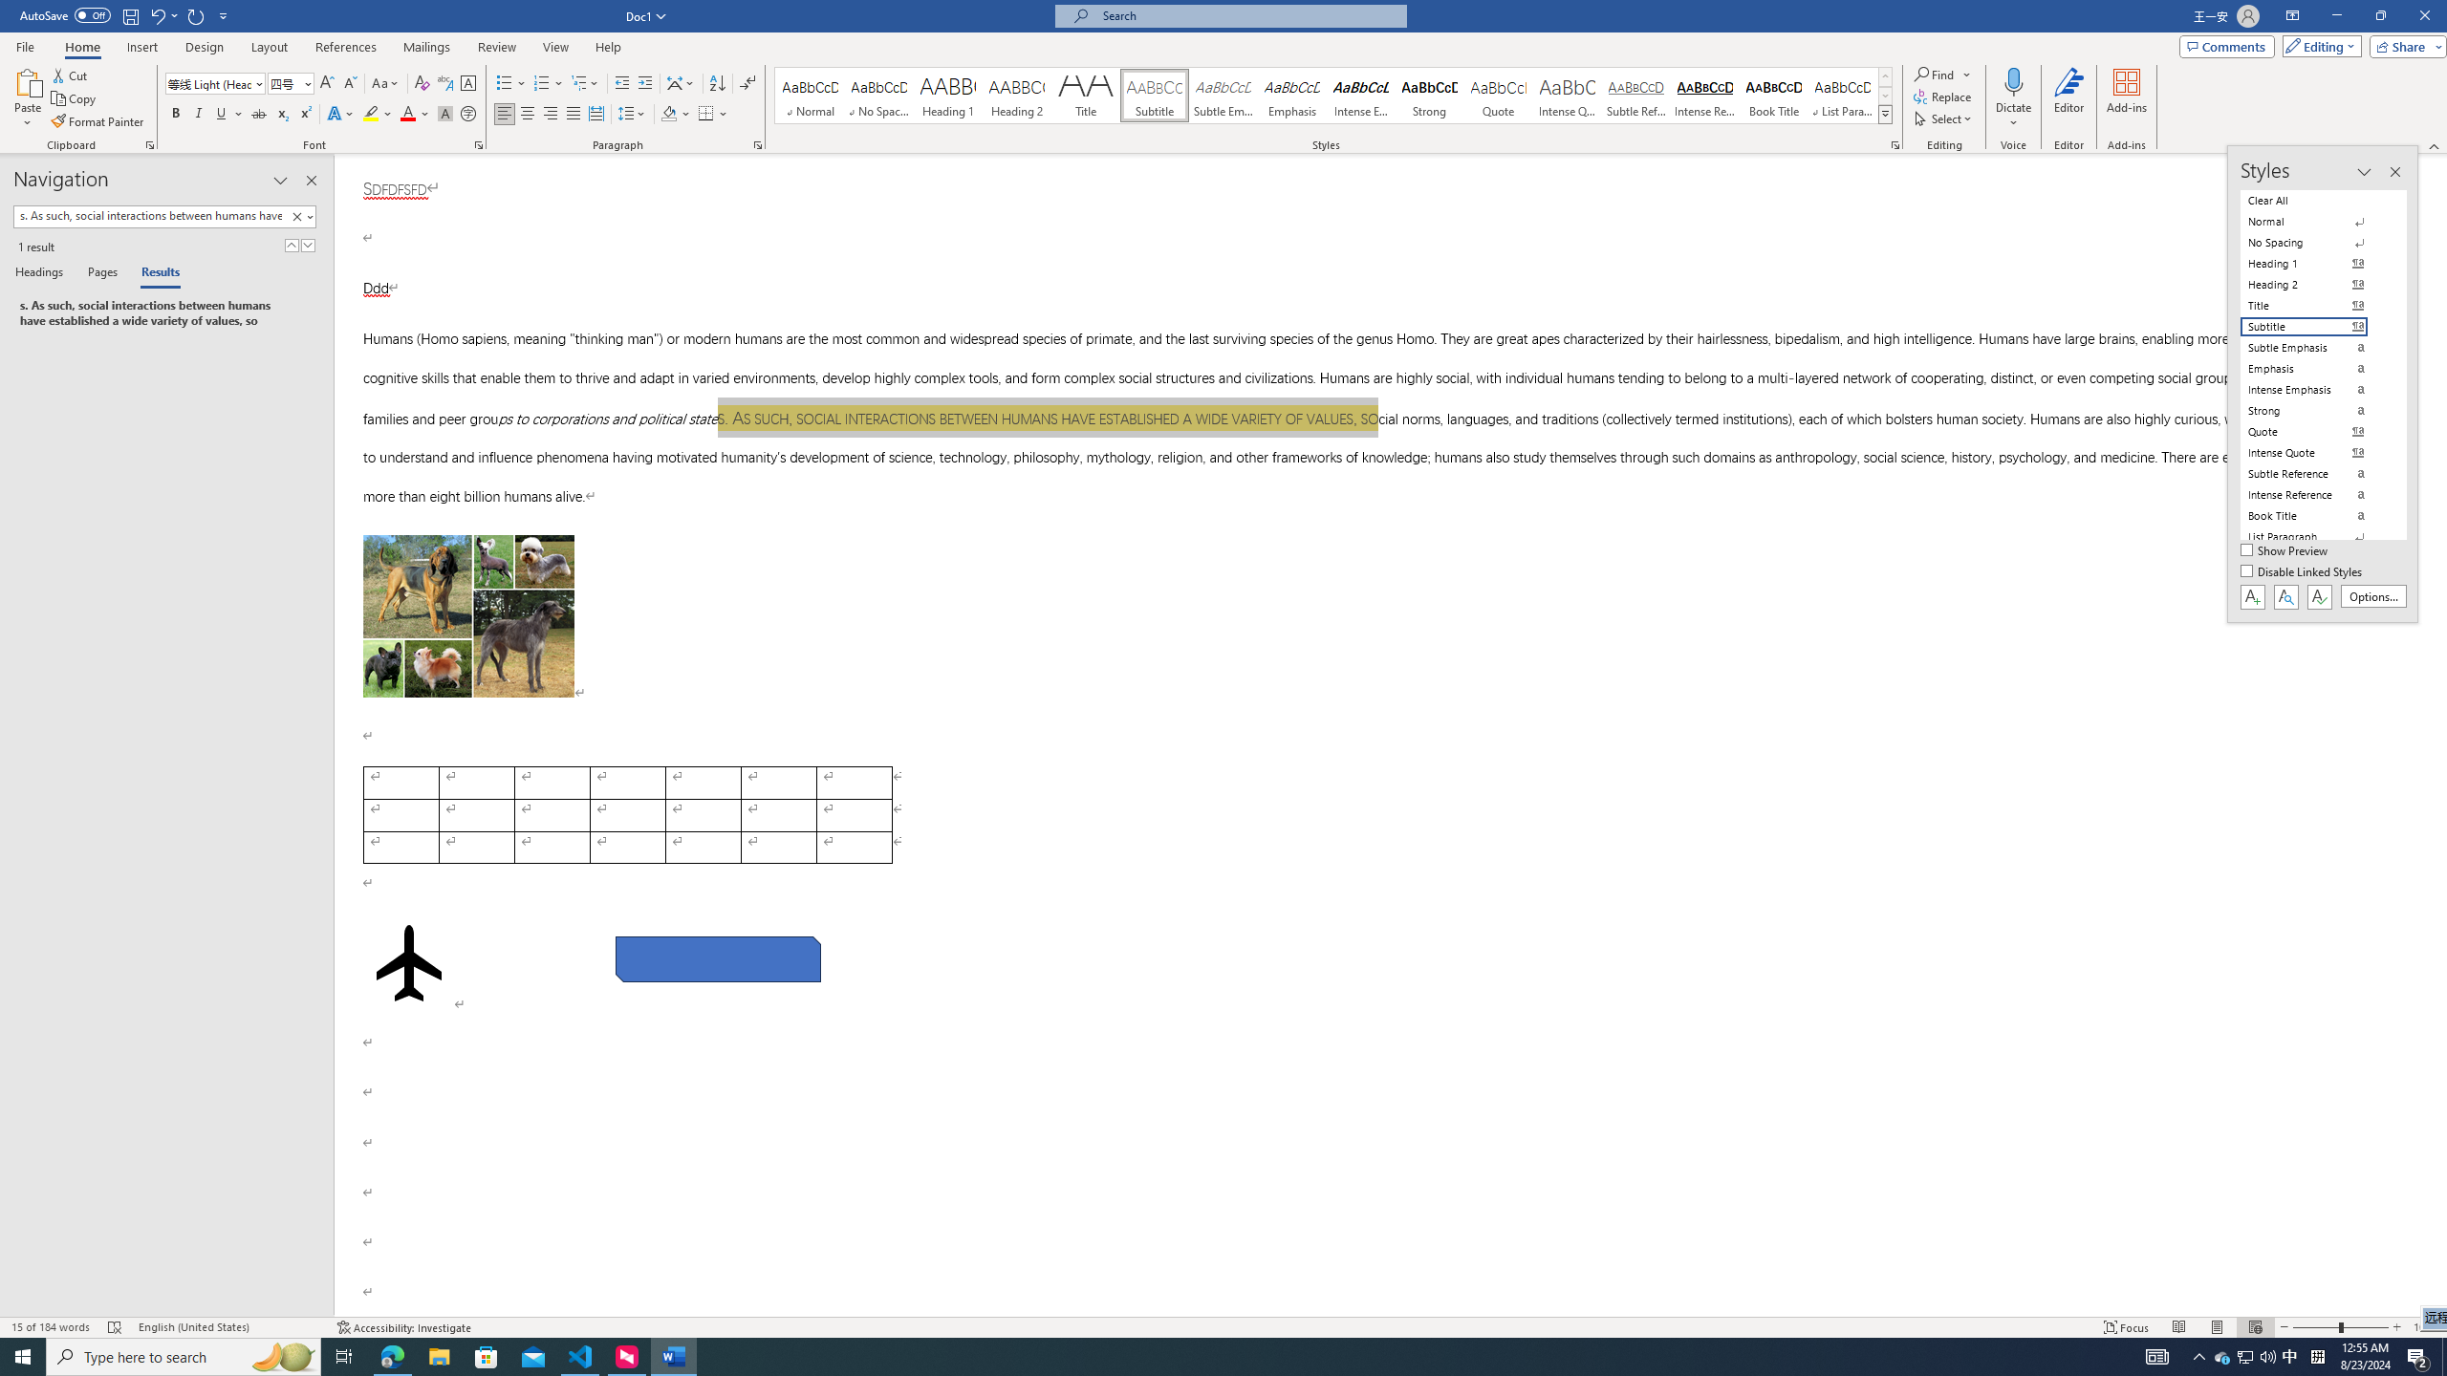 Image resolution: width=2447 pixels, height=1376 pixels. Describe the element at coordinates (156, 14) in the screenshot. I see `'Undo Style'` at that location.